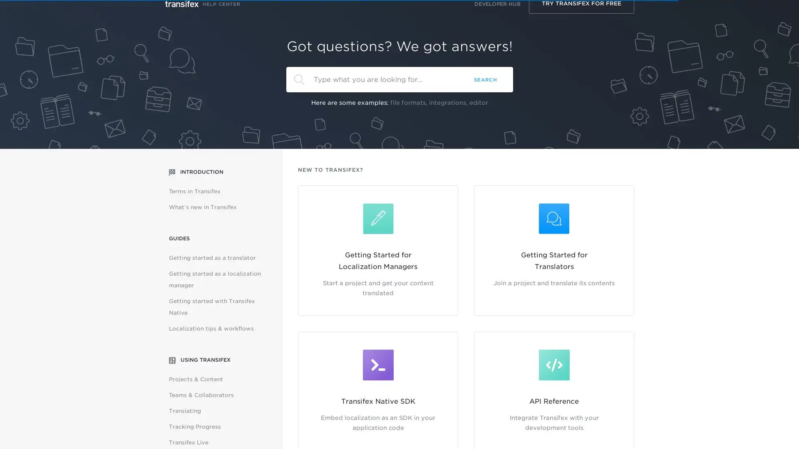 This screenshot has height=449, width=799. I want to click on Open Intercom Messenger, so click(778, 428).